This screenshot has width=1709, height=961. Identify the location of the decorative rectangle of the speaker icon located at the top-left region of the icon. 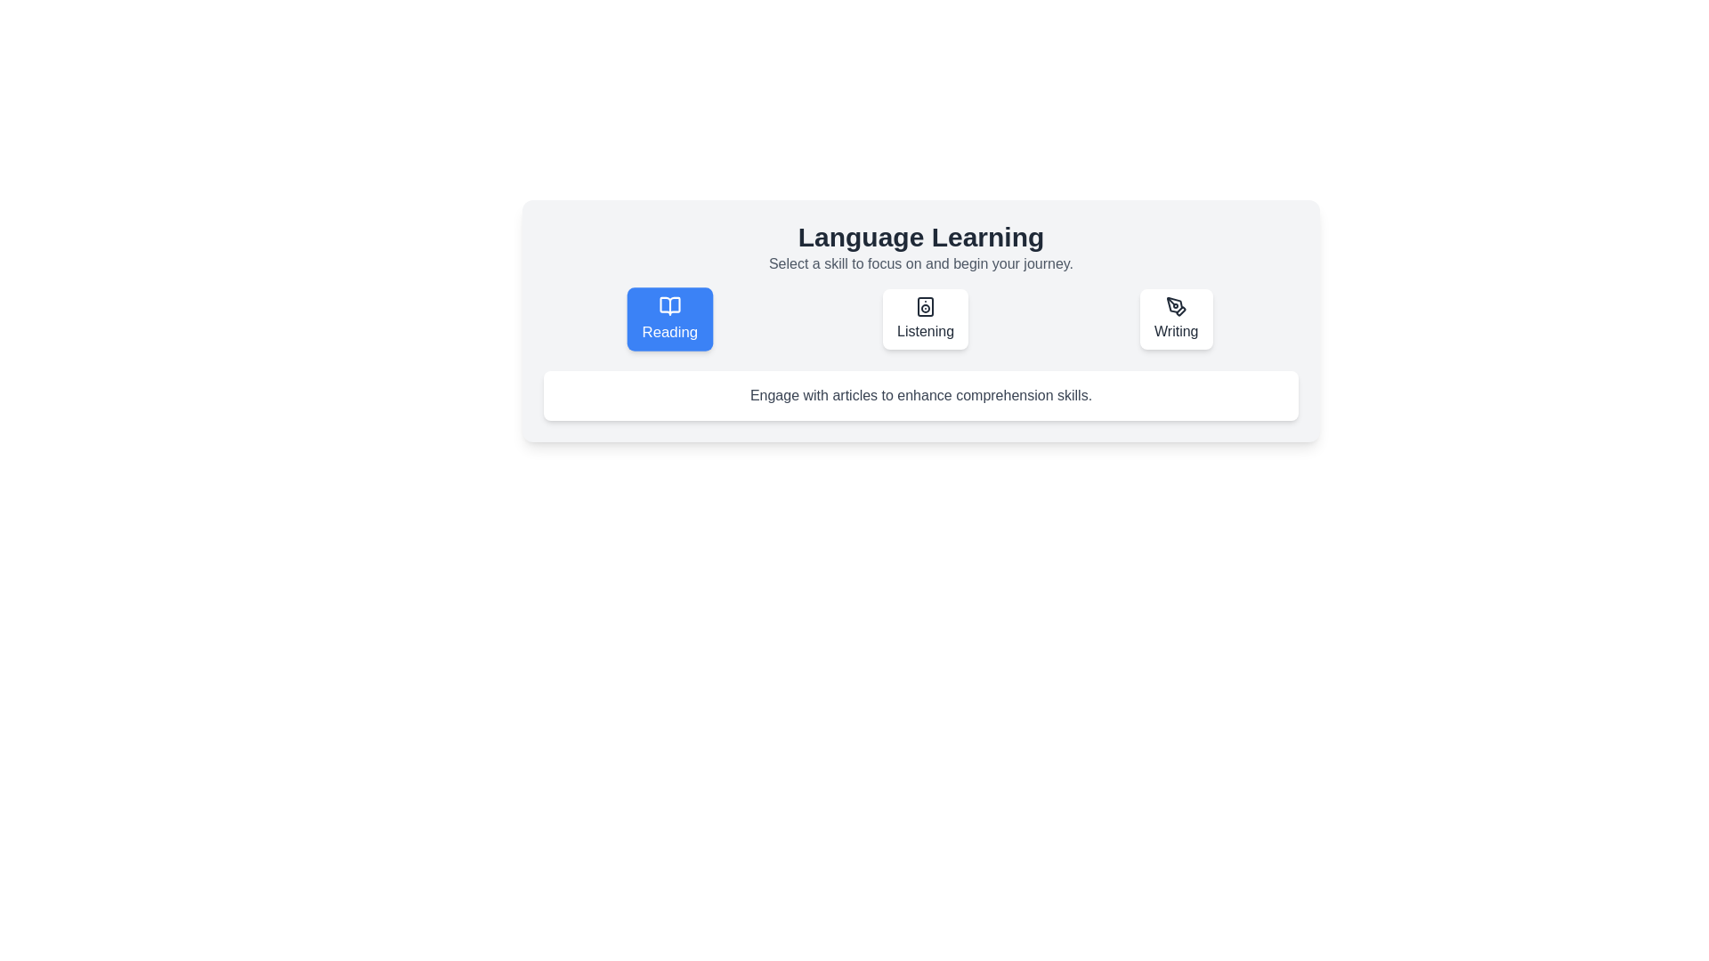
(926, 305).